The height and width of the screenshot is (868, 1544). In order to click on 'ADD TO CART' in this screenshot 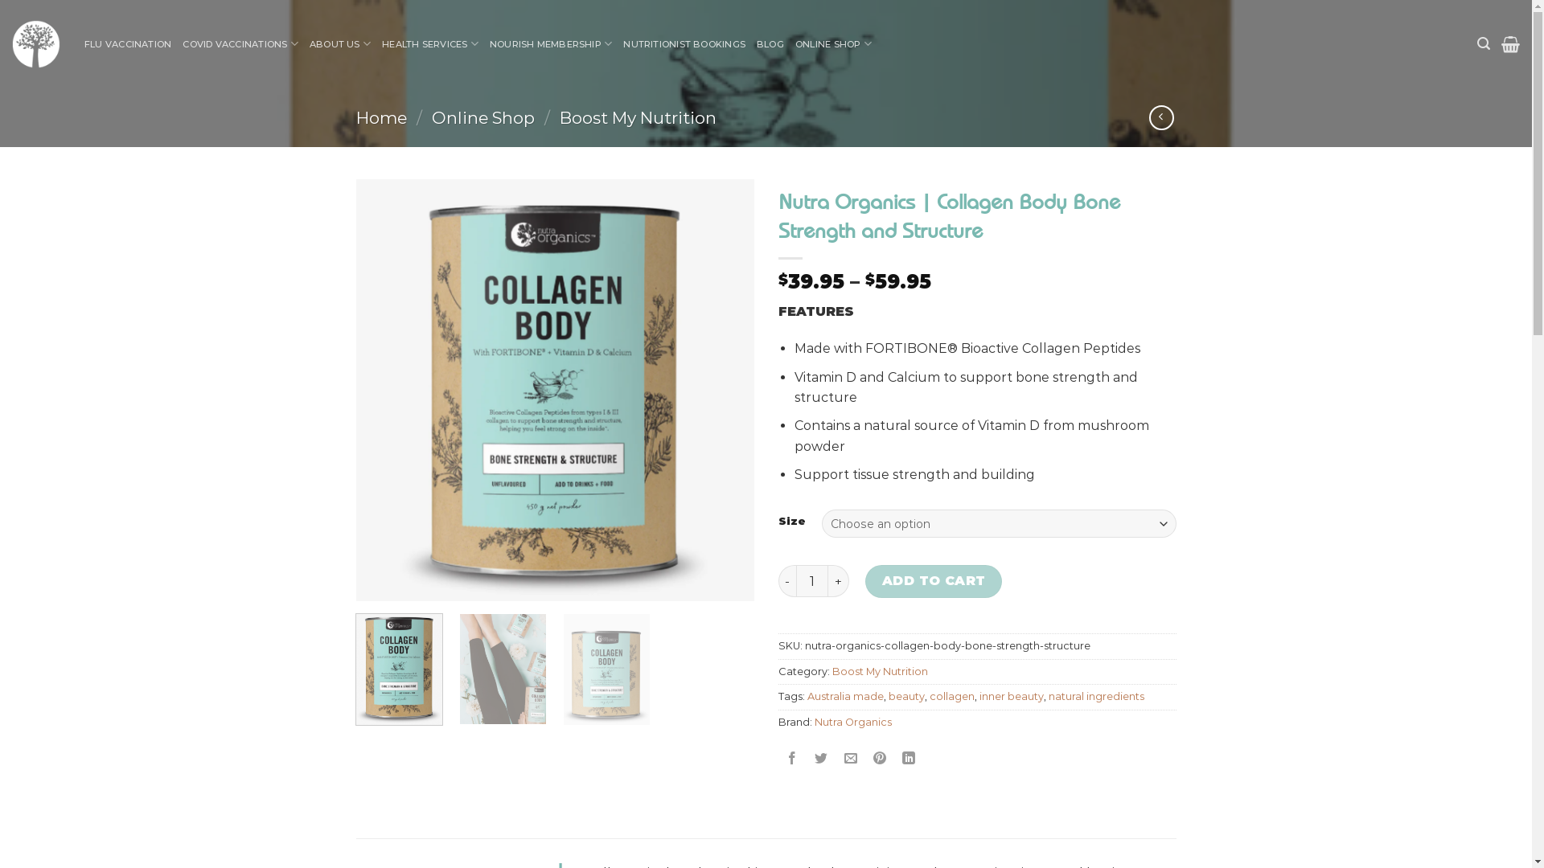, I will do `click(934, 580)`.